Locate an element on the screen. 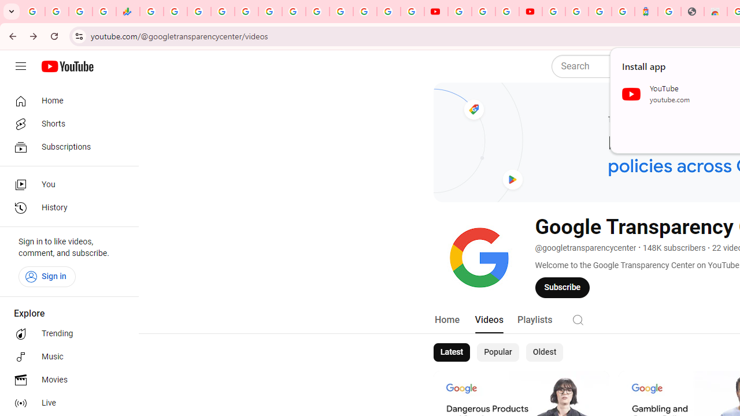 Image resolution: width=740 pixels, height=416 pixels. 'Google Account Help' is located at coordinates (483, 12).